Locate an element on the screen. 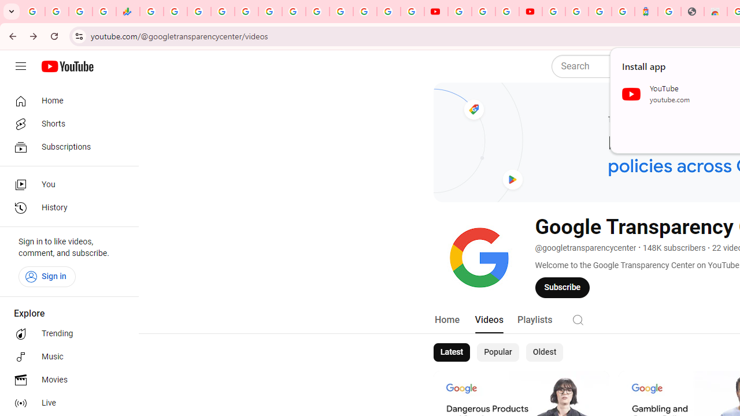 Image resolution: width=740 pixels, height=416 pixels. 'Google Account Help' is located at coordinates (483, 12).